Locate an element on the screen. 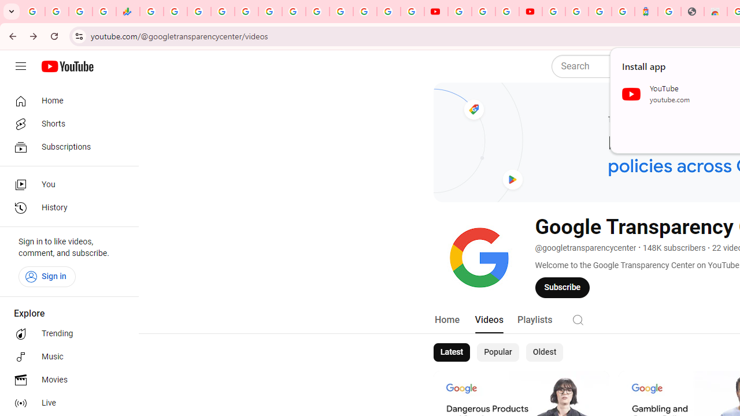 Image resolution: width=740 pixels, height=416 pixels. 'Google Account Help' is located at coordinates (483, 12).